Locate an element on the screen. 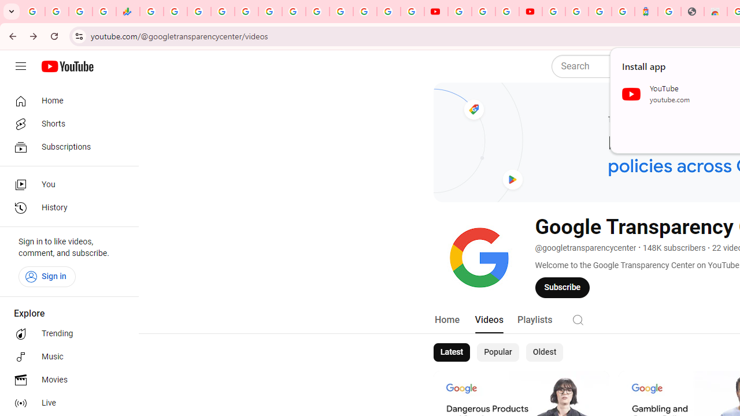 Image resolution: width=740 pixels, height=416 pixels. 'Google Account Help' is located at coordinates (483, 12).